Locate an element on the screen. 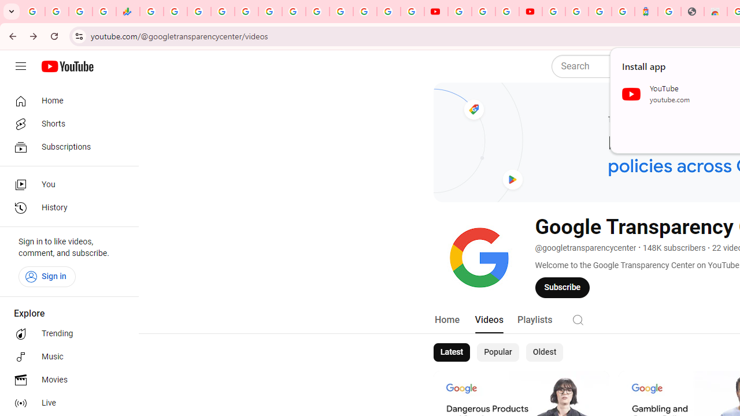 Image resolution: width=740 pixels, height=416 pixels. 'Google Account Help' is located at coordinates (483, 12).